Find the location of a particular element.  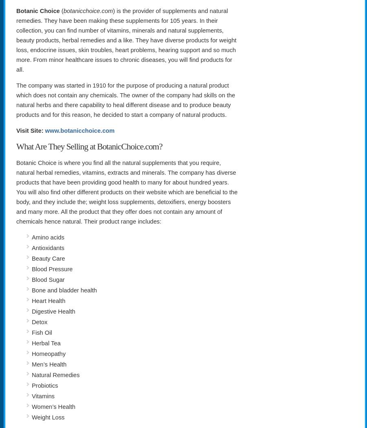

'Amino acids' is located at coordinates (31, 237).